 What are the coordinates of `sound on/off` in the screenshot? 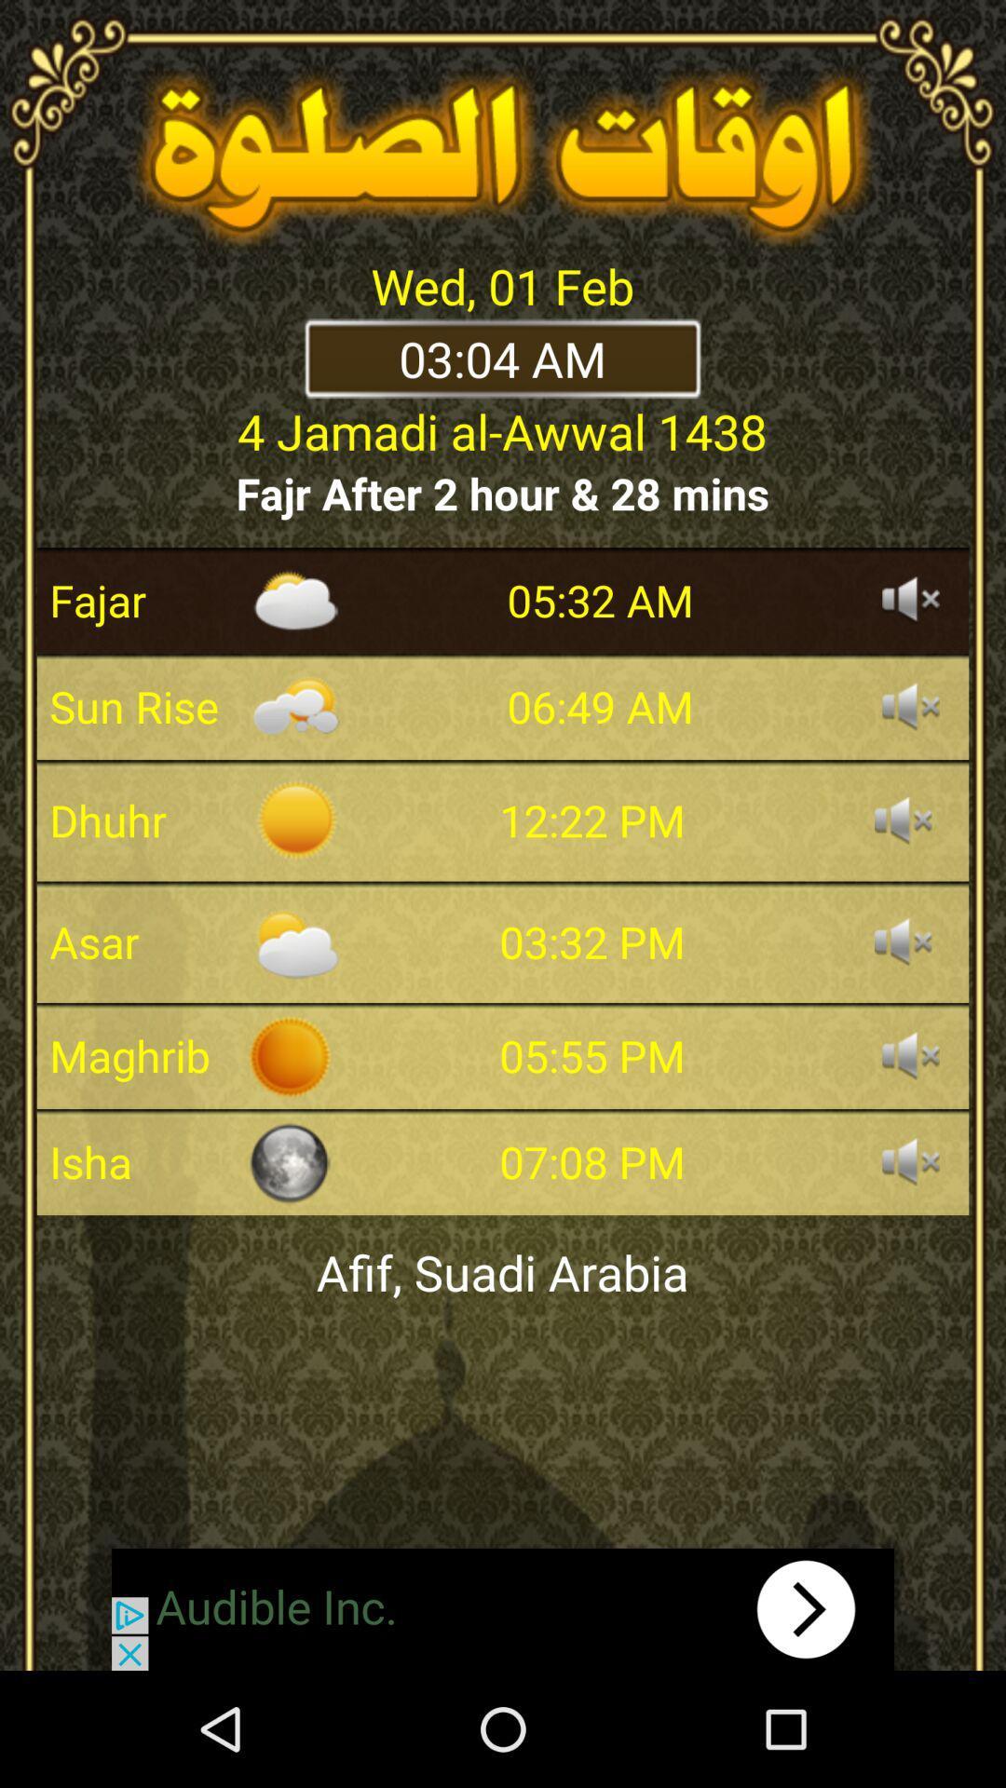 It's located at (902, 941).